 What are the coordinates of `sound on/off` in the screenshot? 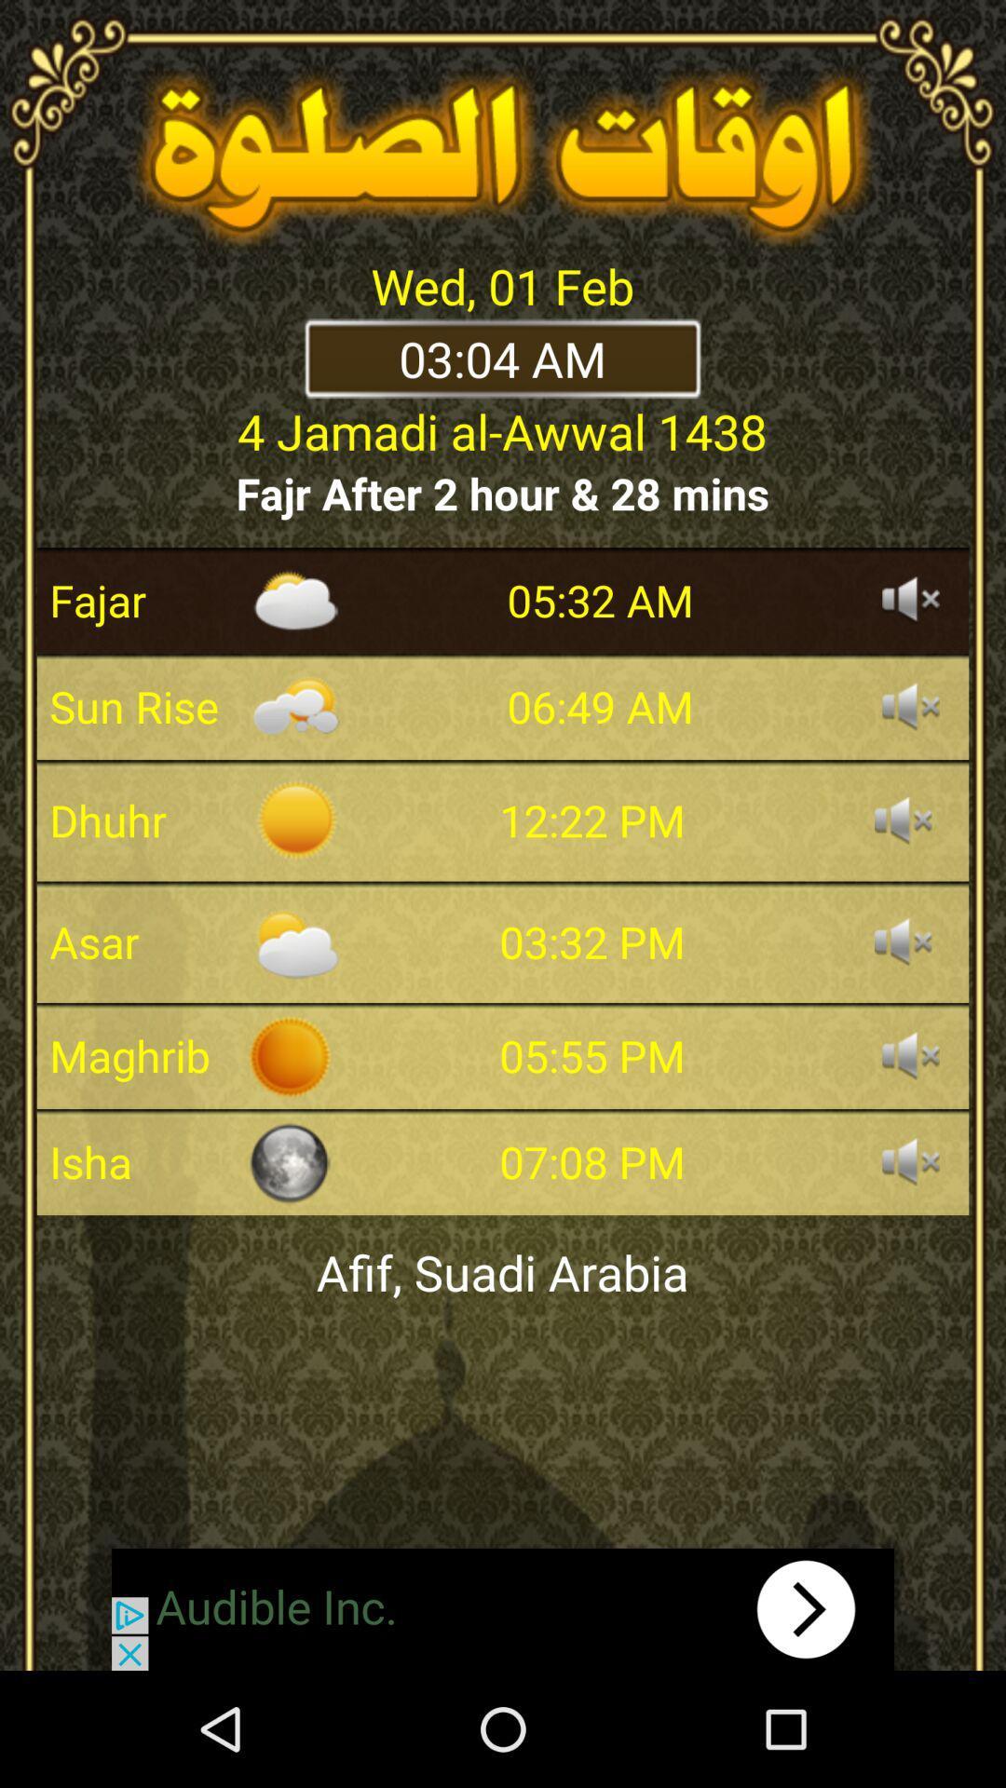 It's located at (902, 941).